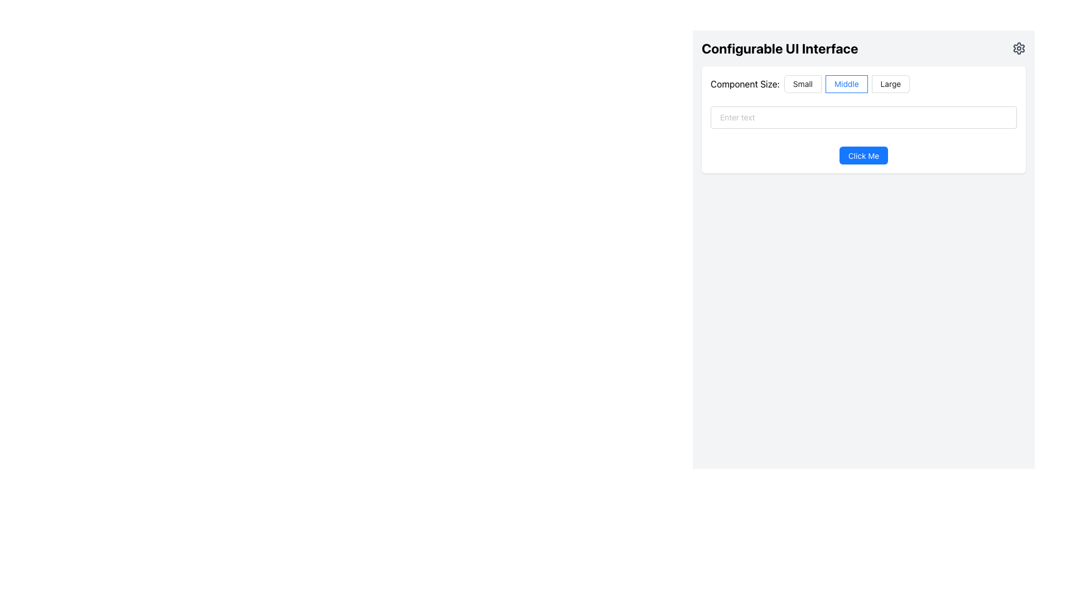  I want to click on the text label displaying 'Component Size:' that is positioned to the left of the radio buttons for 'Small', 'Middle', and 'Large', so click(745, 83).